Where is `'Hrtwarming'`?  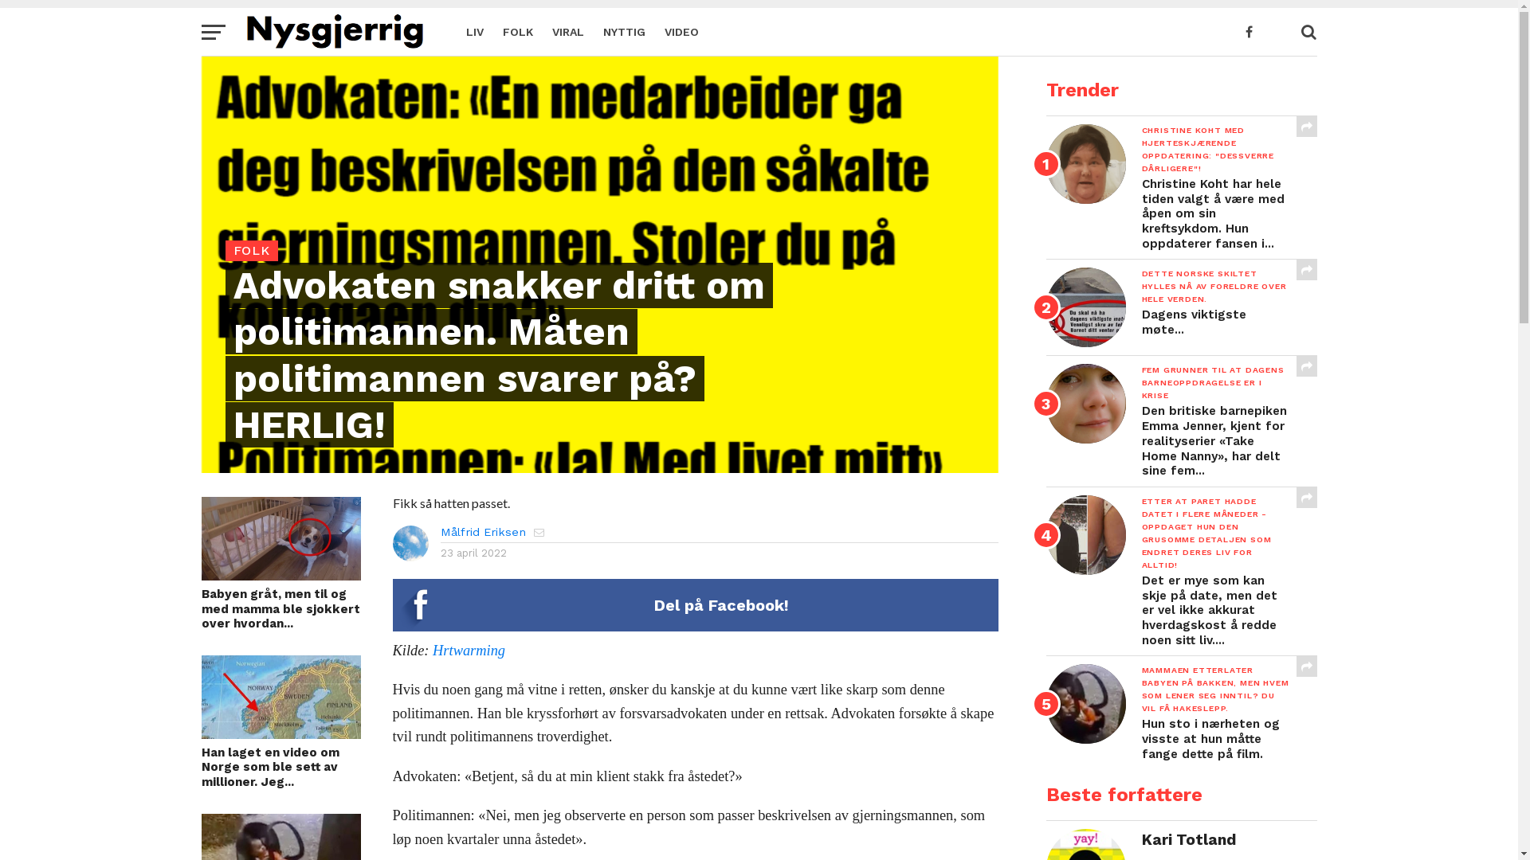 'Hrtwarming' is located at coordinates (432, 651).